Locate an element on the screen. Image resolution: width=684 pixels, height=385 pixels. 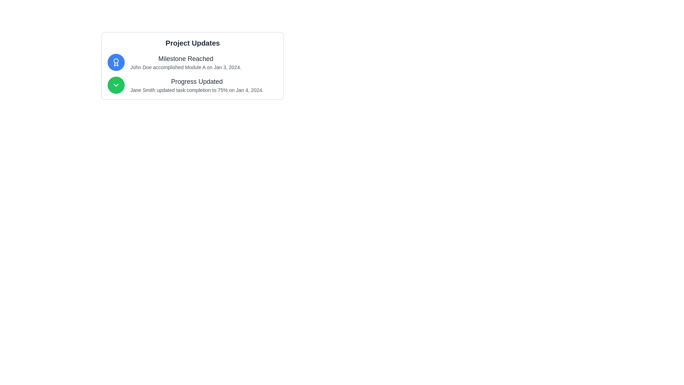
the circular icon with a green background and a white downwards-facing chevron, located to the left of the text 'Progress Updated Jane Smith updated task completion to 75% on Jan 4, 2024.' is located at coordinates (116, 85).